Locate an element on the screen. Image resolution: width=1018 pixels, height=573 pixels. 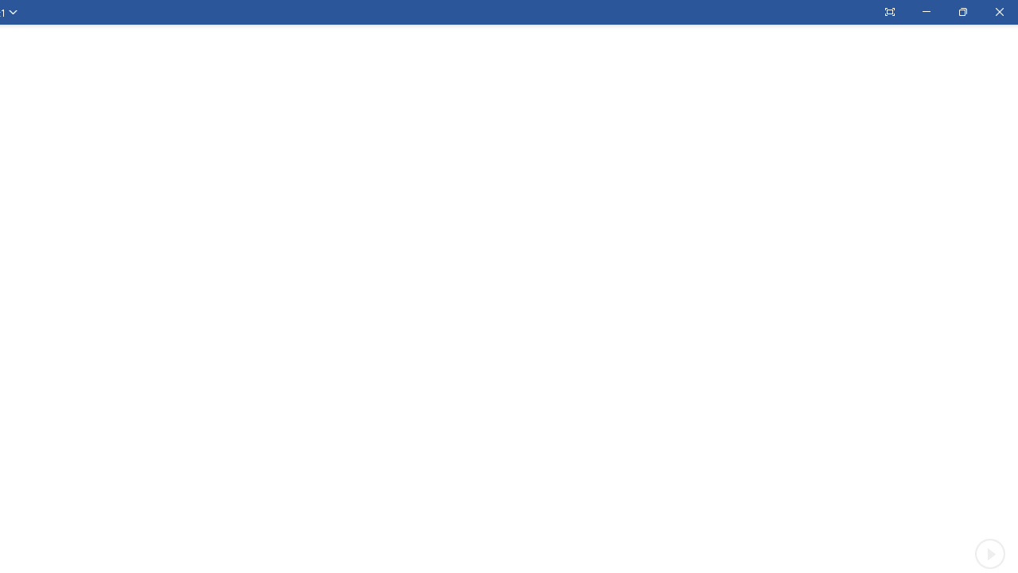
'Minimize' is located at coordinates (926, 12).